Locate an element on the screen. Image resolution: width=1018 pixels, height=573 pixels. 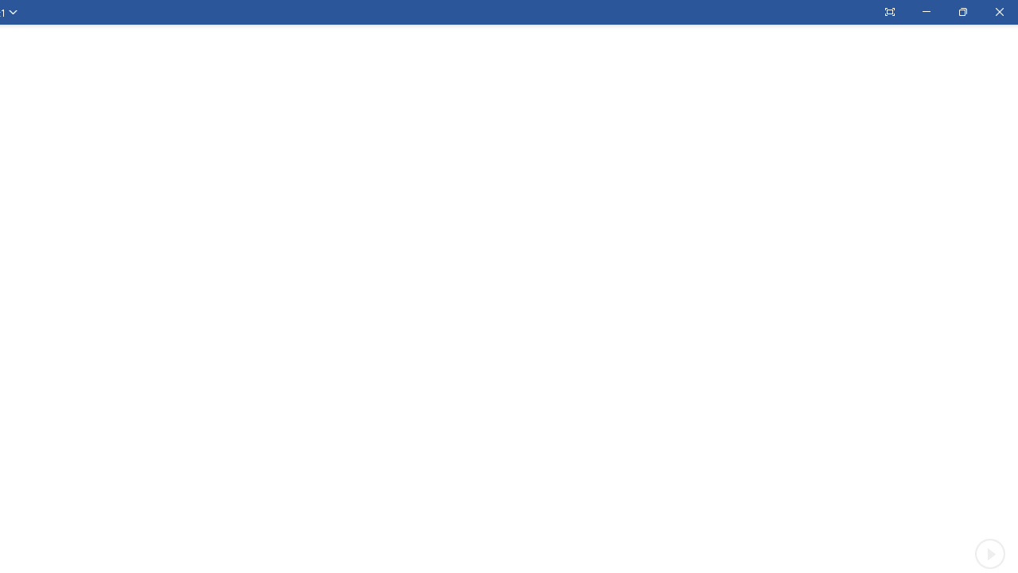
'Minimize' is located at coordinates (926, 12).